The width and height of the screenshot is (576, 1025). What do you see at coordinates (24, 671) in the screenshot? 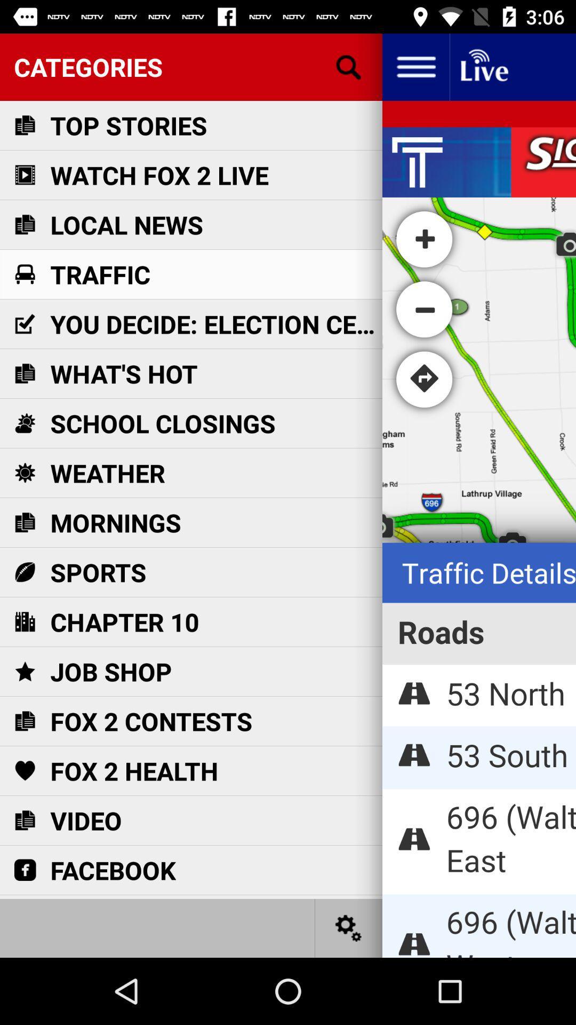
I see `icon left to job shop` at bounding box center [24, 671].